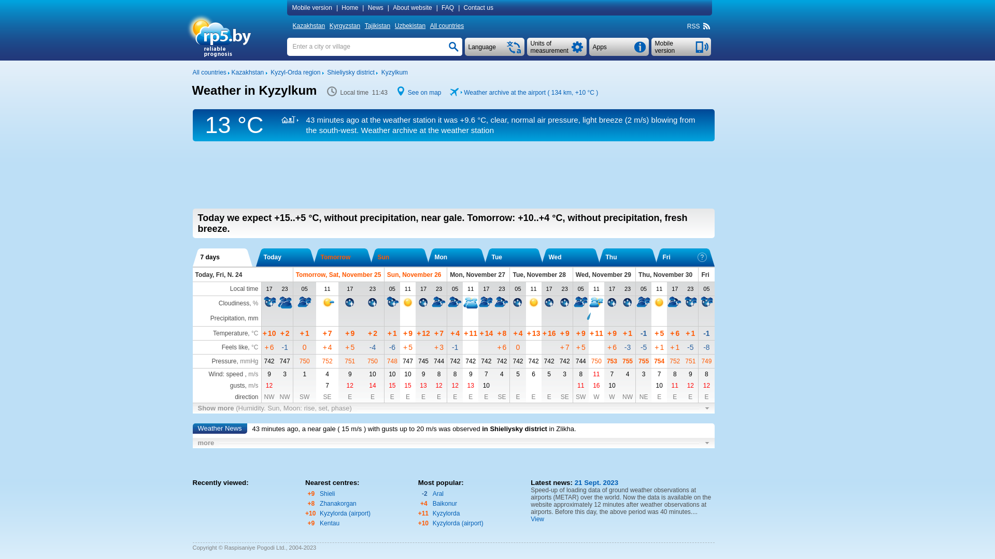 The height and width of the screenshot is (559, 995). I want to click on 'Sun', so click(399, 257).